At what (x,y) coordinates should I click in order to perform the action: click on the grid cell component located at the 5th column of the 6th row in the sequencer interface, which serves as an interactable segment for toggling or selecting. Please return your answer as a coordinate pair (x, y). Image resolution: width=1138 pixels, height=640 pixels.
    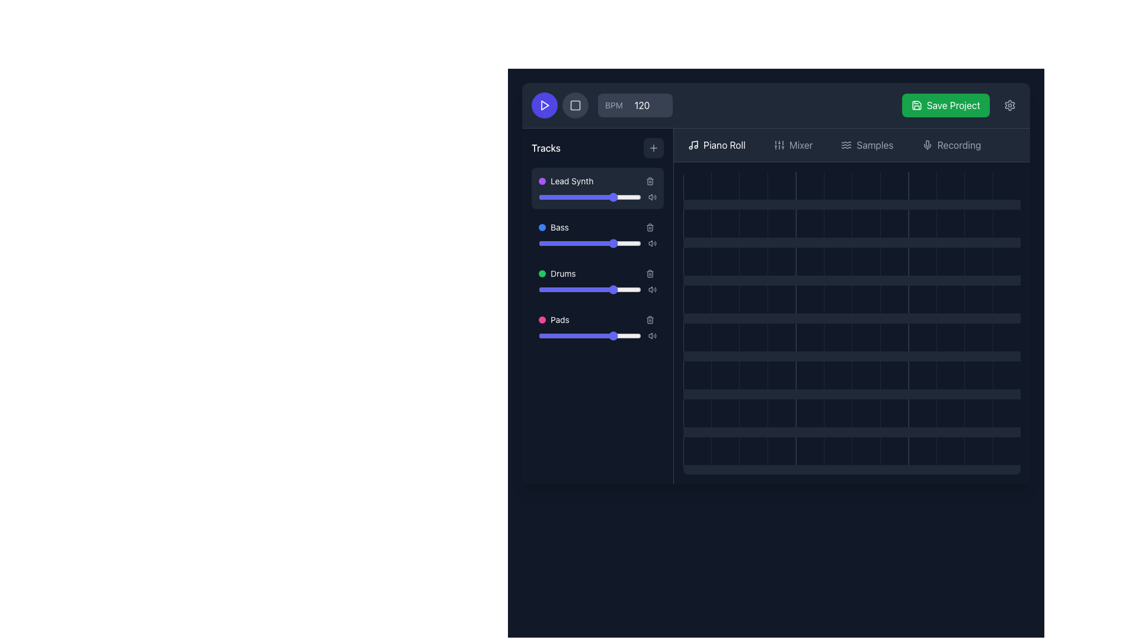
    Looking at the image, I should click on (781, 375).